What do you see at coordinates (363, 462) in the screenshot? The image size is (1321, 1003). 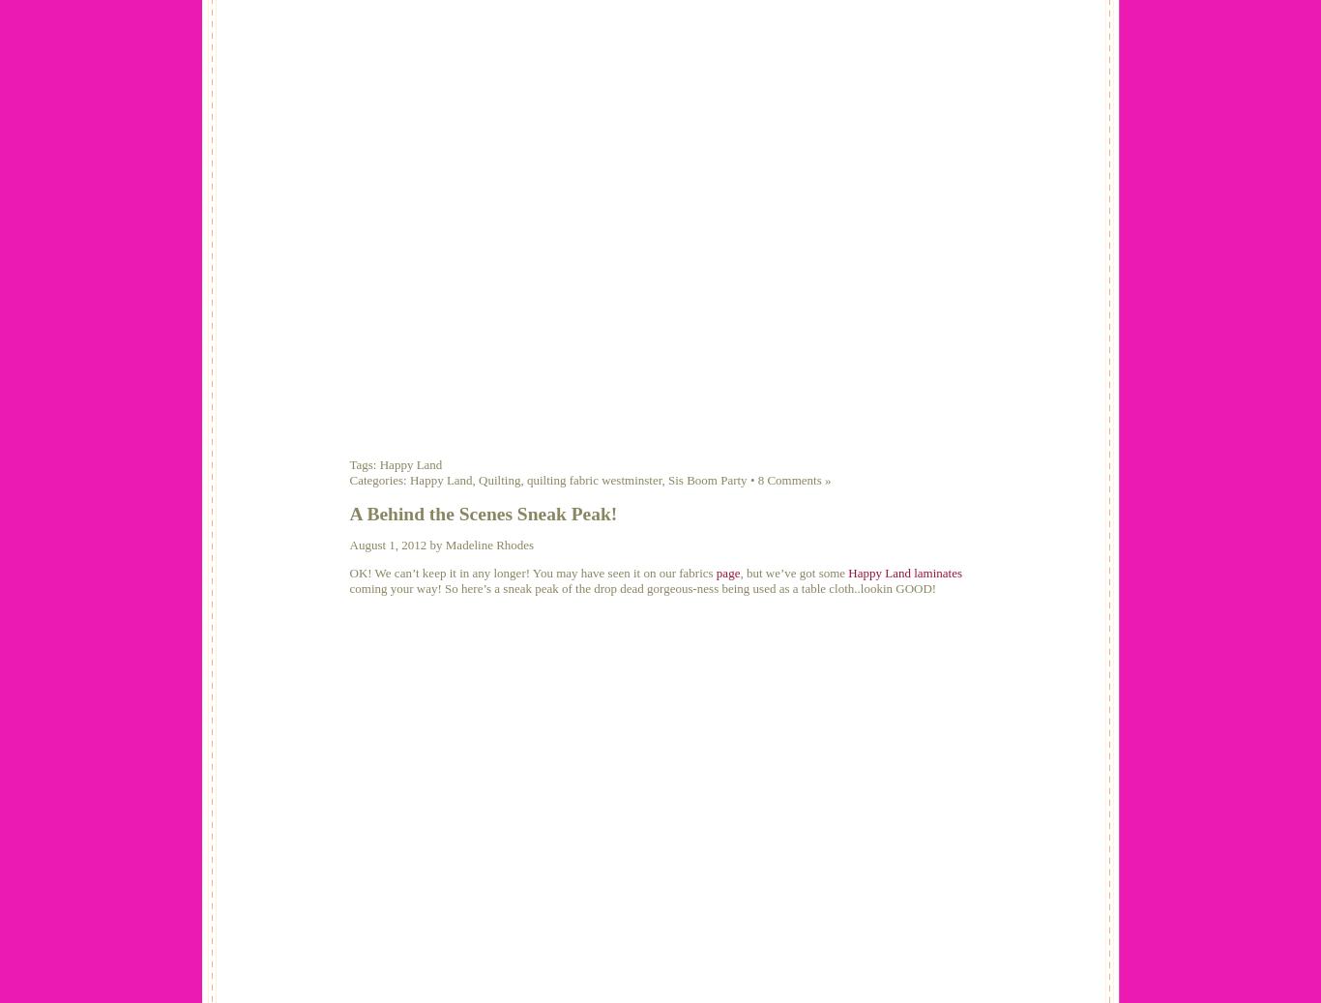 I see `'Tags:'` at bounding box center [363, 462].